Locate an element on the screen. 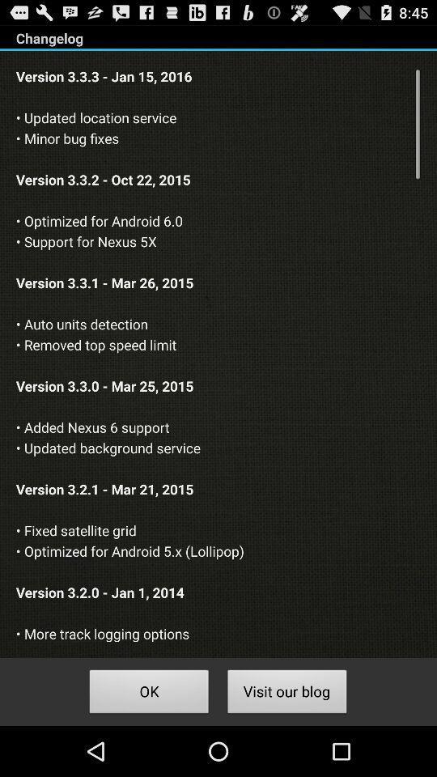 This screenshot has width=437, height=777. ok is located at coordinates (149, 693).